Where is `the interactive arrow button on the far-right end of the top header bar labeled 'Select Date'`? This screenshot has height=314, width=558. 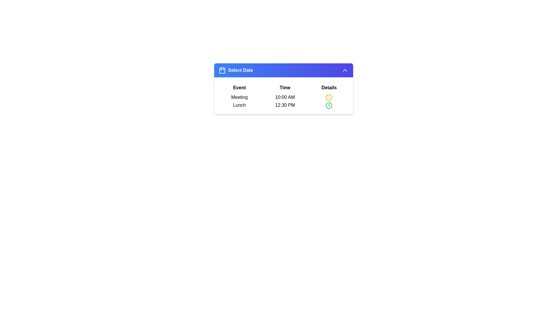
the interactive arrow button on the far-right end of the top header bar labeled 'Select Date' is located at coordinates (345, 70).